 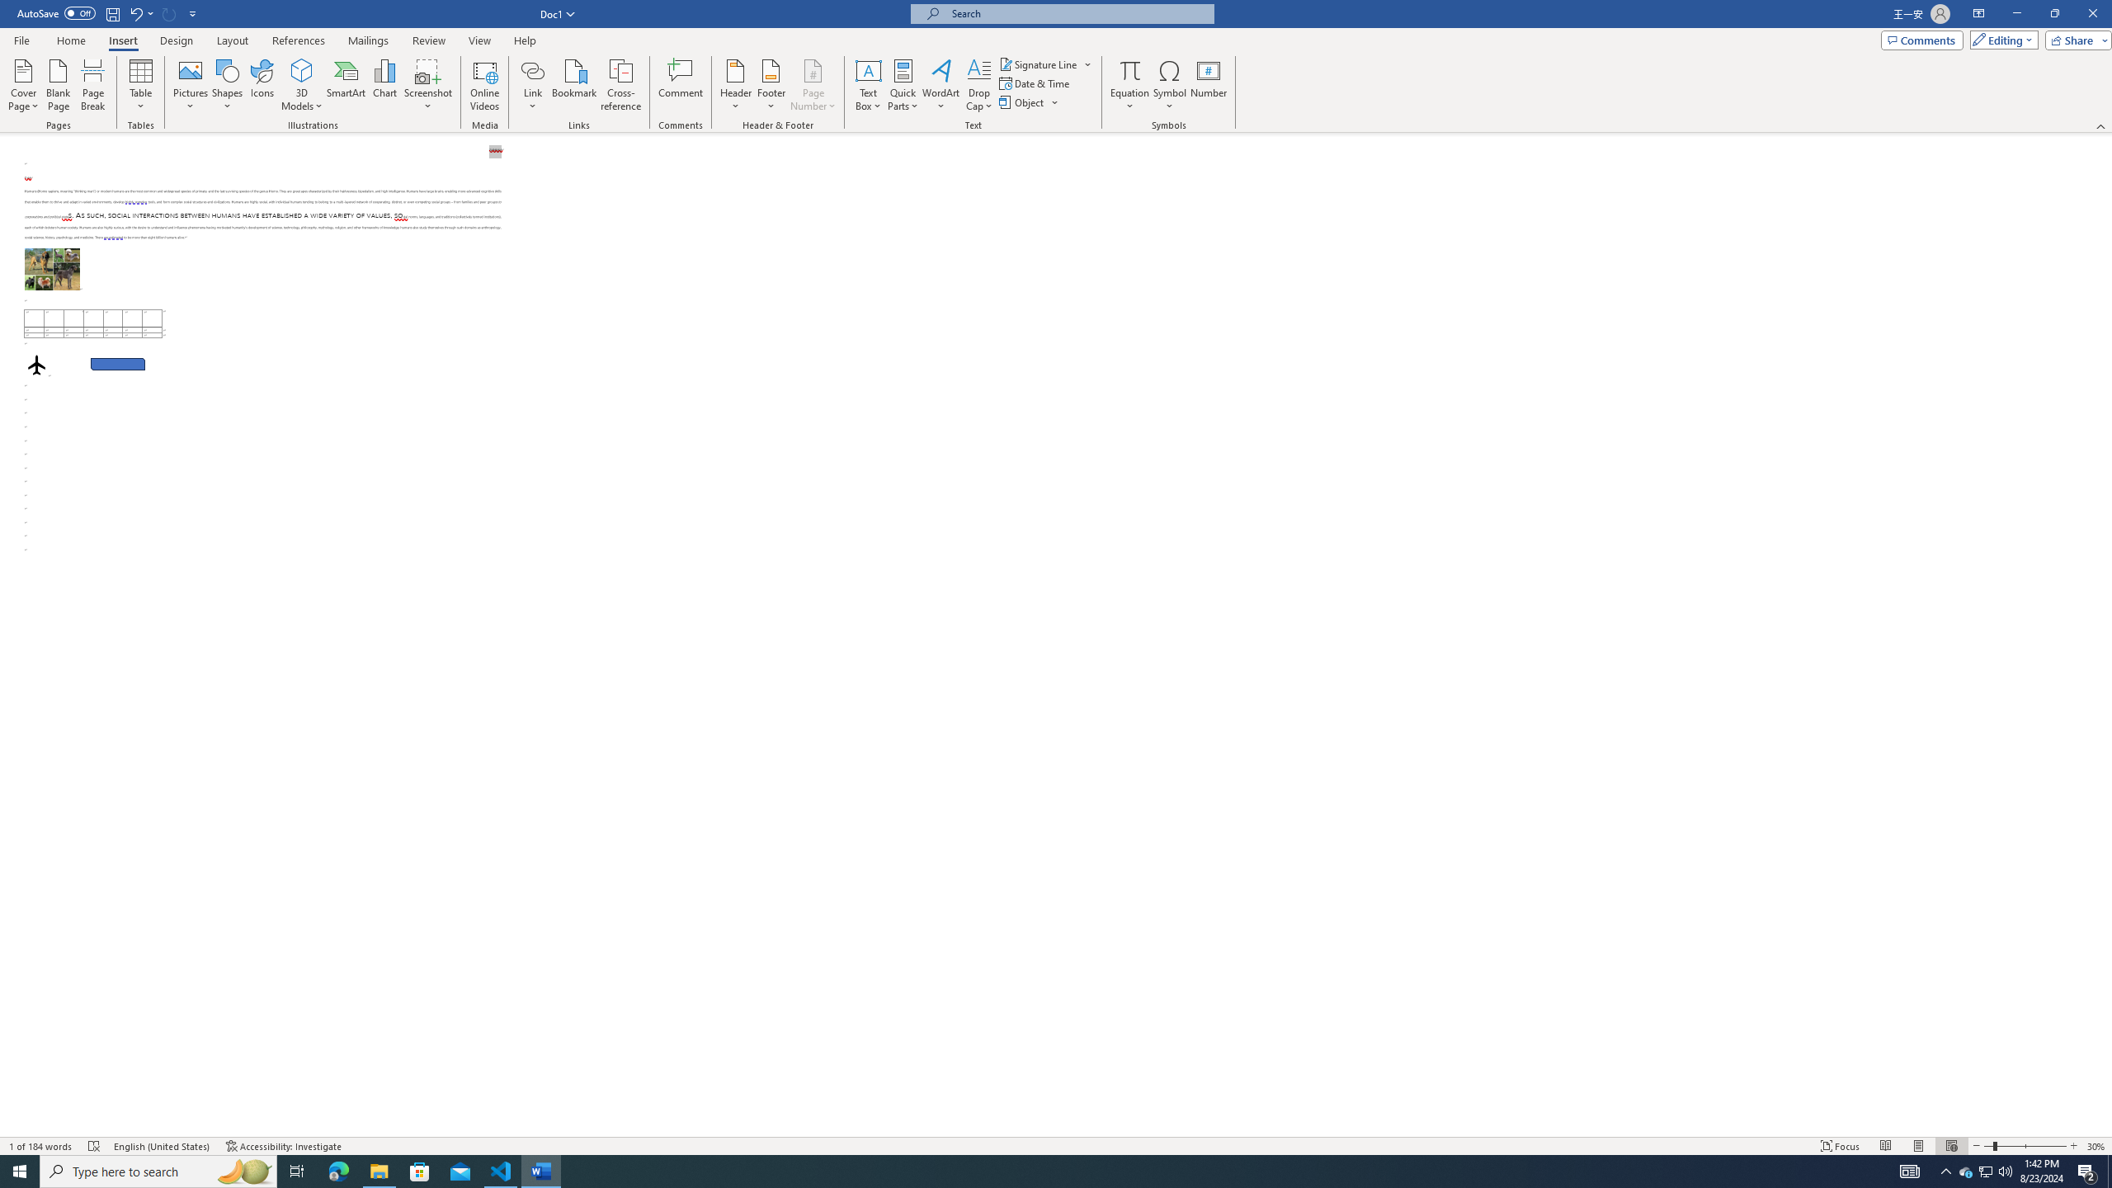 I want to click on 'Symbol', so click(x=1170, y=85).